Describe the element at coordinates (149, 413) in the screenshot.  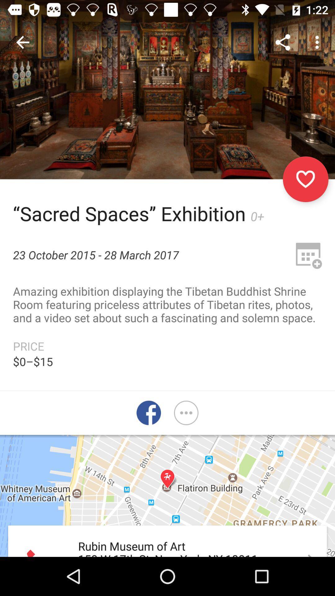
I see `the facebook icon` at that location.